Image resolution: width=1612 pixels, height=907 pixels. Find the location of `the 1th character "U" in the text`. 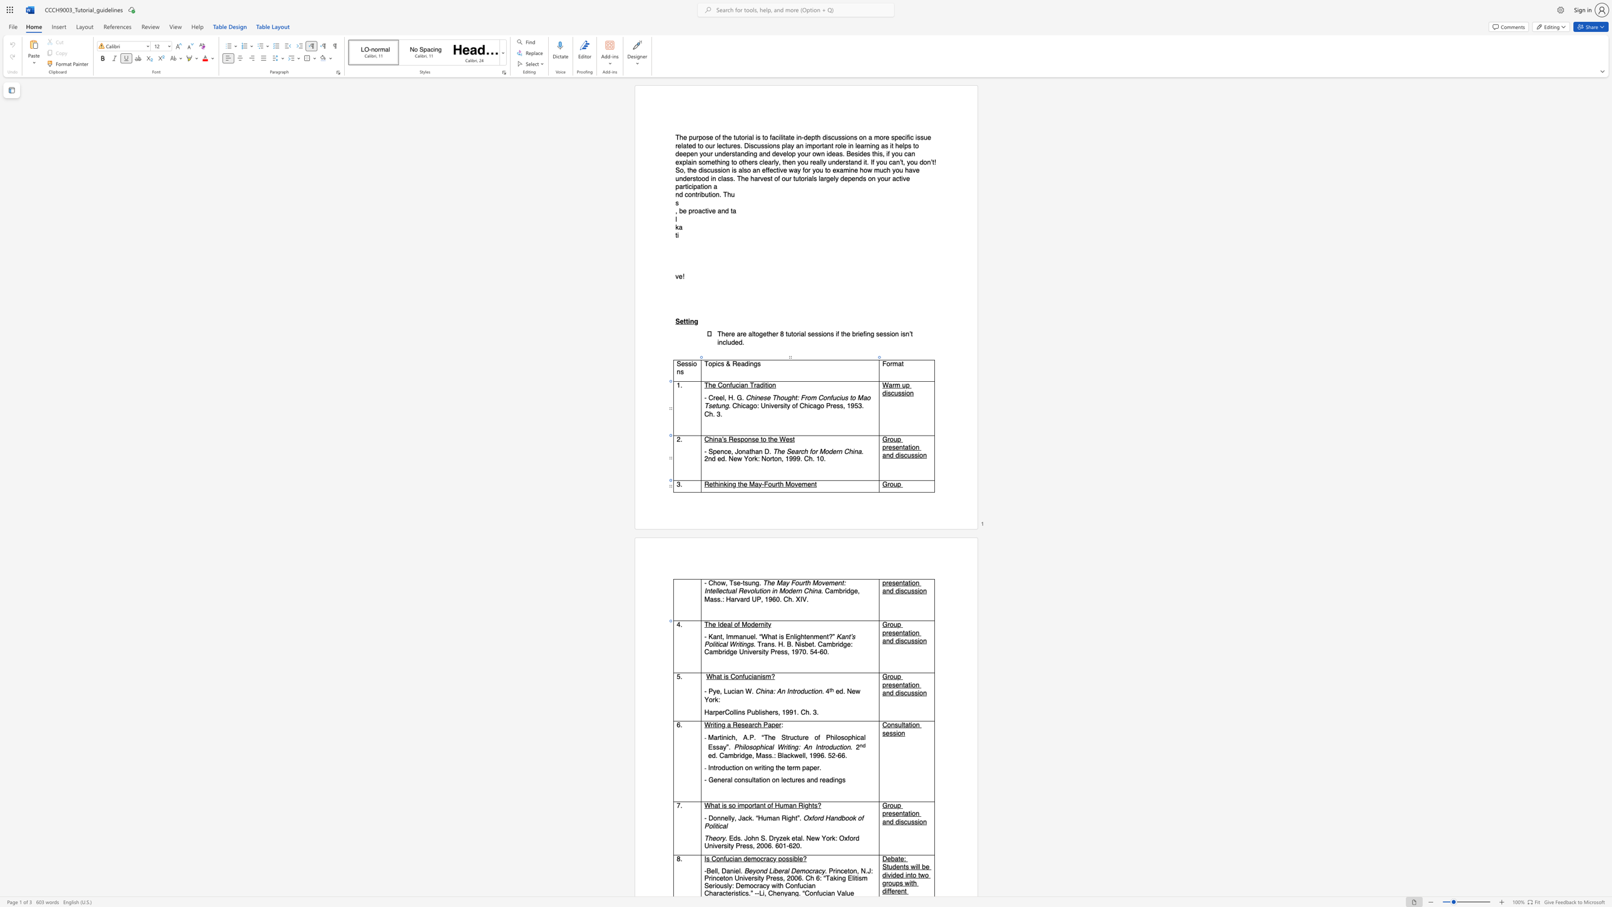

the 1th character "U" in the text is located at coordinates (753, 598).